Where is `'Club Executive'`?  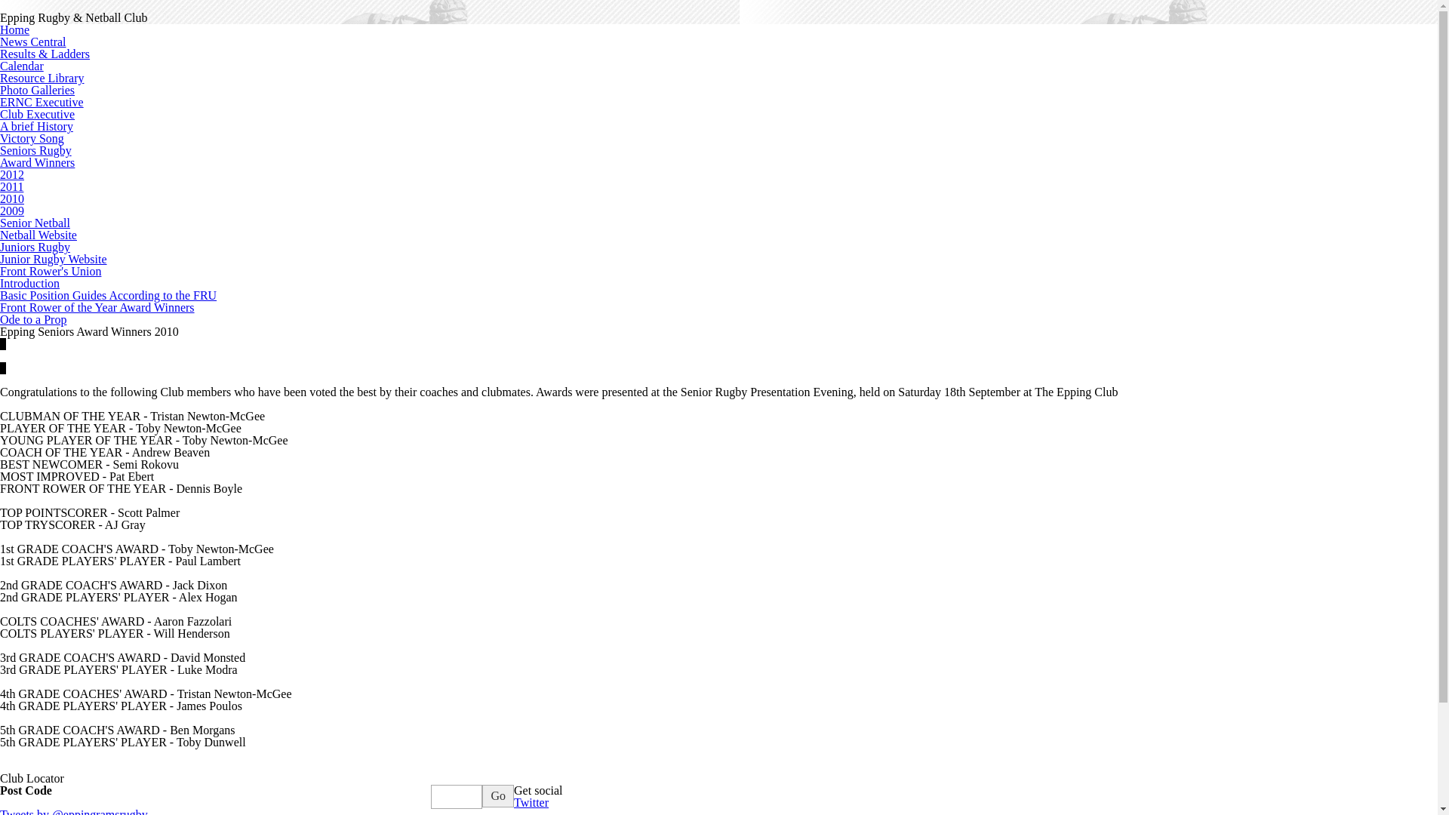 'Club Executive' is located at coordinates (37, 113).